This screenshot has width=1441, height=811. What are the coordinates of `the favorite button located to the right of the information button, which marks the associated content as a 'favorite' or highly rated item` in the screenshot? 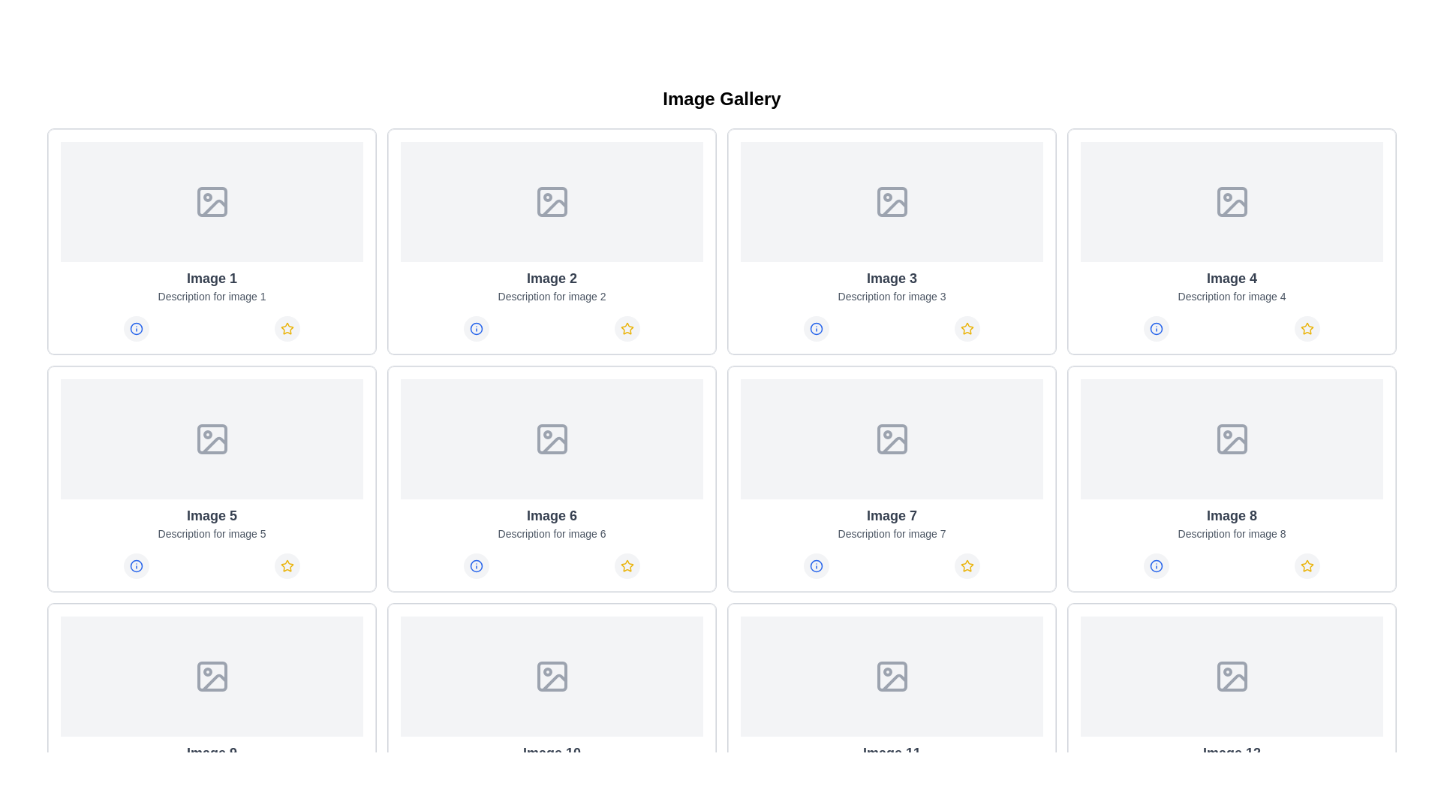 It's located at (627, 328).